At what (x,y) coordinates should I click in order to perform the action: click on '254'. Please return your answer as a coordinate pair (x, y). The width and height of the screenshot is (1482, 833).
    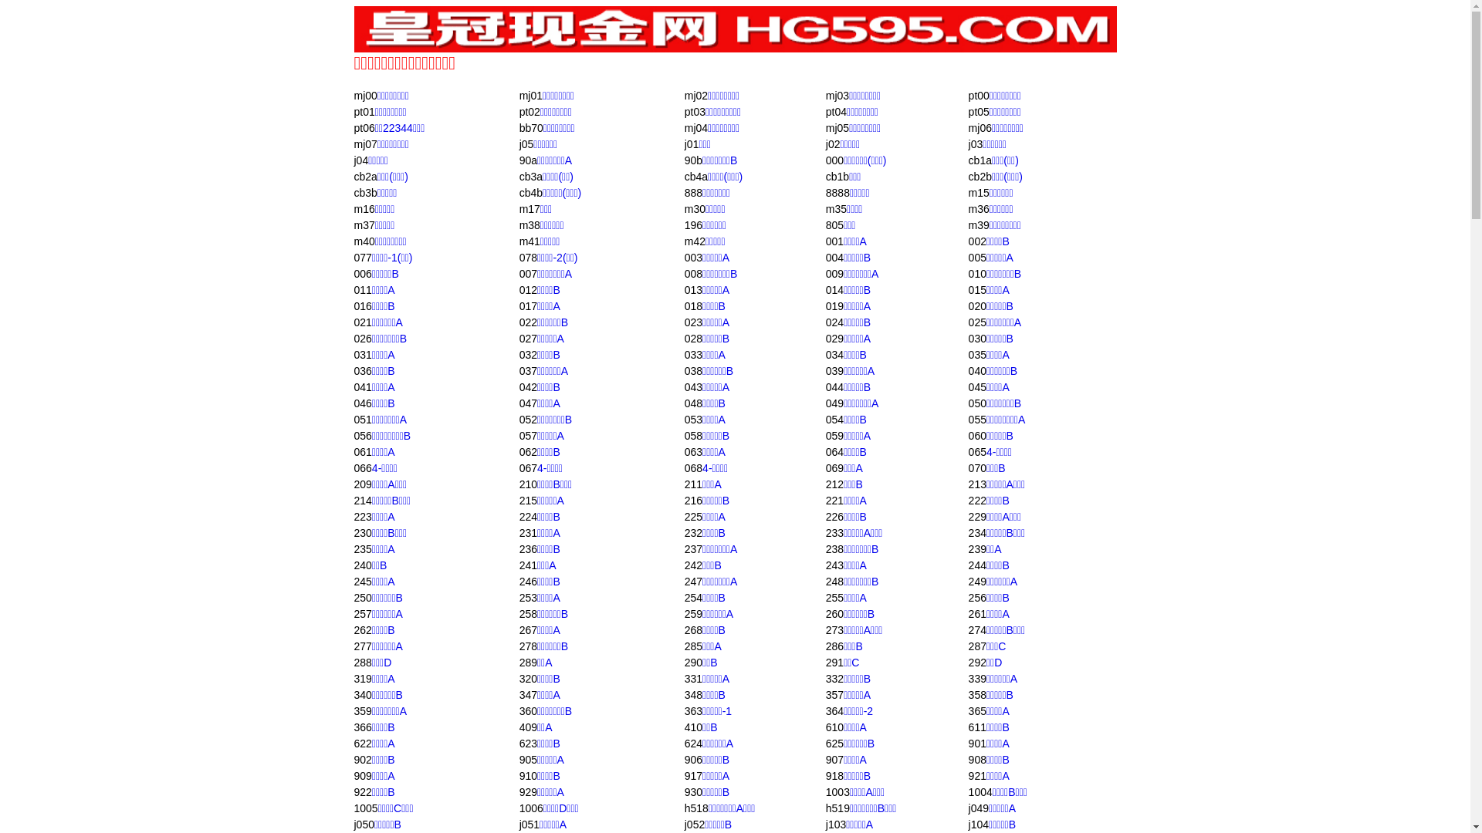
    Looking at the image, I should click on (692, 597).